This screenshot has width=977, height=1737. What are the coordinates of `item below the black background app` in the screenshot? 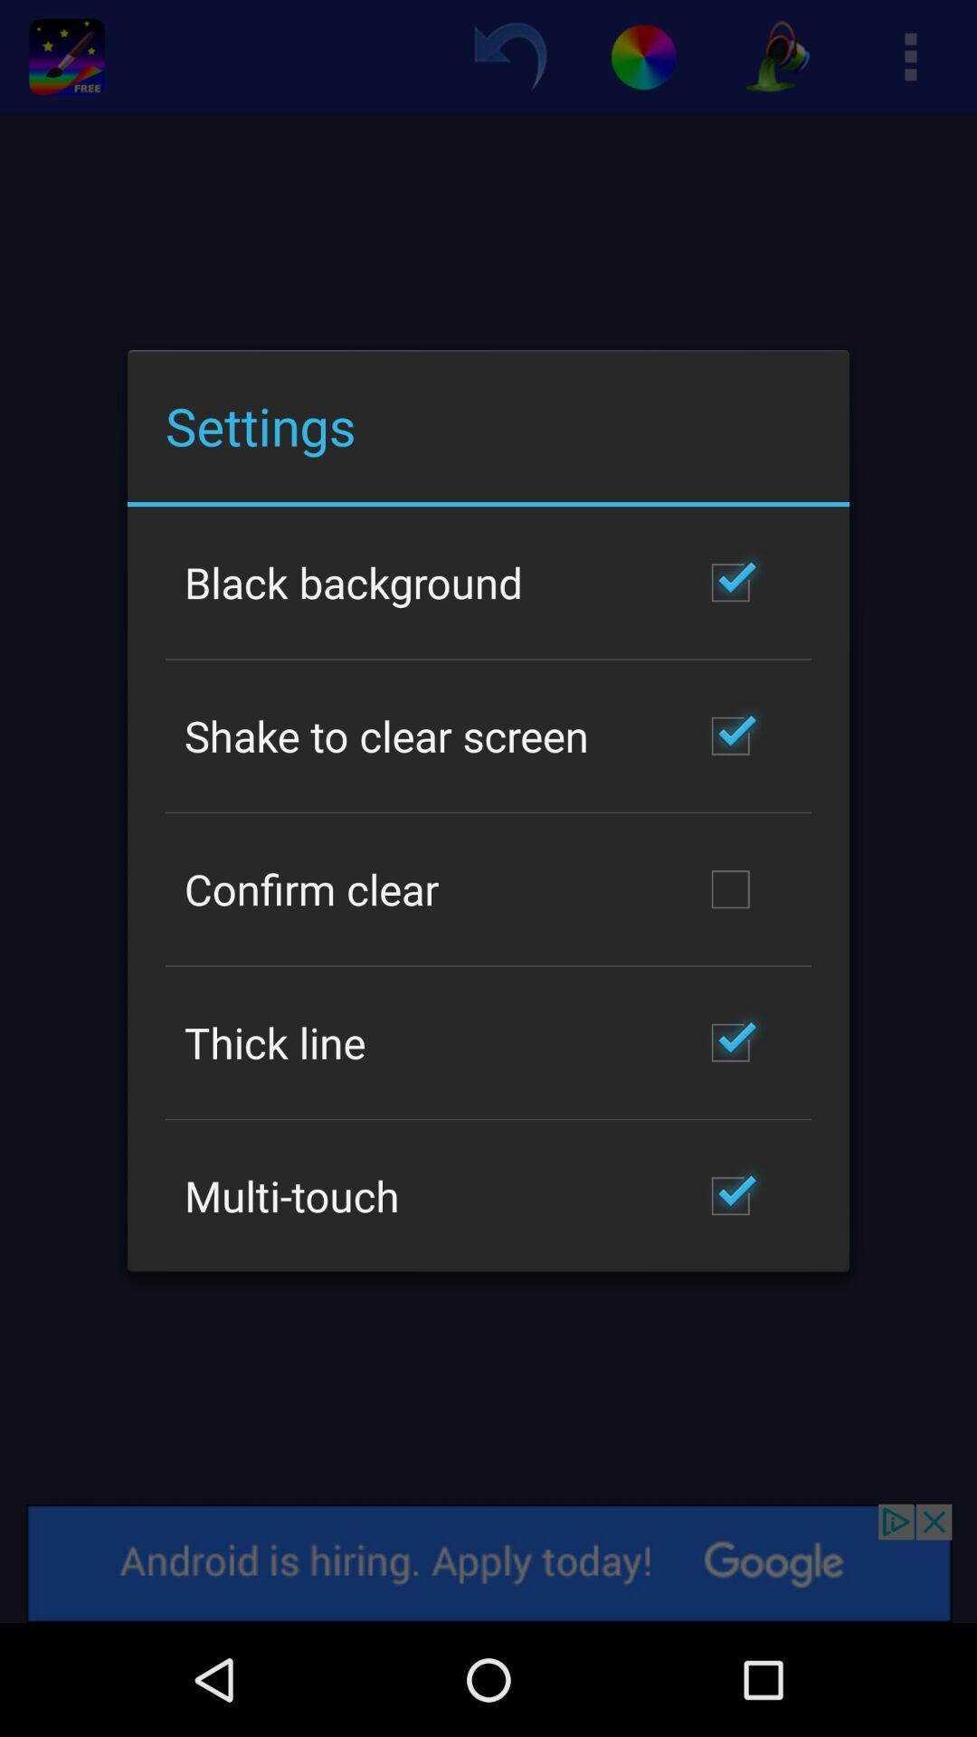 It's located at (385, 736).